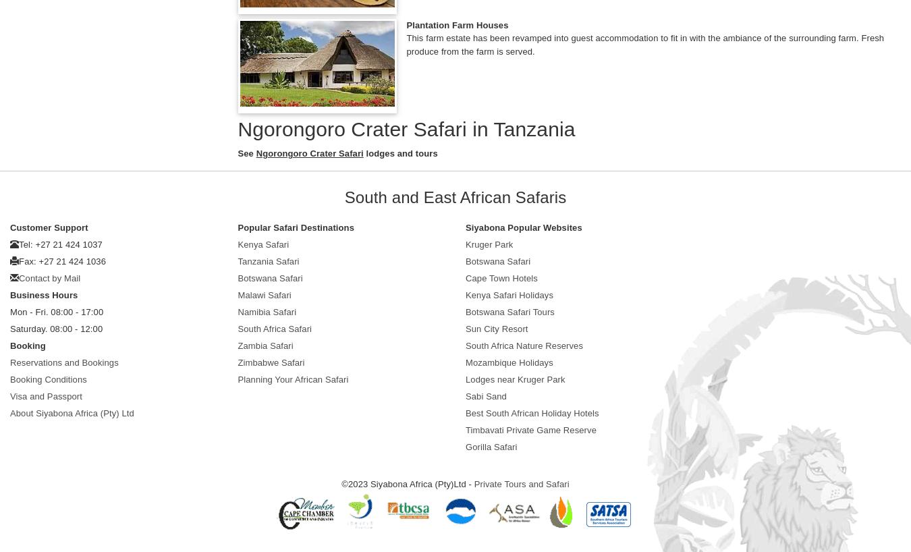 This screenshot has height=552, width=911. Describe the element at coordinates (246, 153) in the screenshot. I see `'See'` at that location.